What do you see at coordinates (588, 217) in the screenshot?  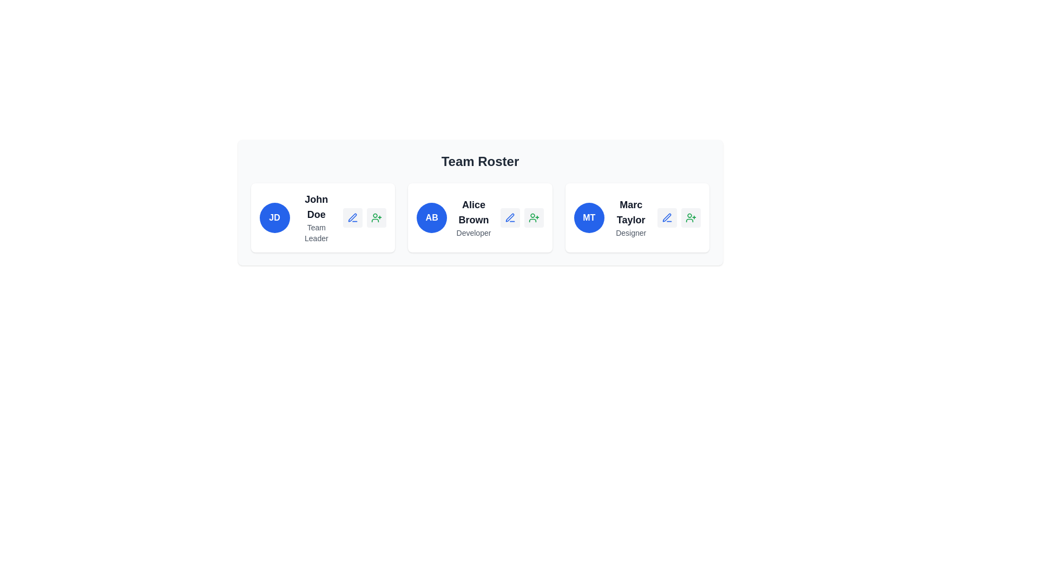 I see `the circular Avatar Badge with a blue background and white uppercase text 'MT', which is positioned to the left of the text 'Marc Taylor' and 'Designer' within the rightmost card of three cards in the list view` at bounding box center [588, 217].